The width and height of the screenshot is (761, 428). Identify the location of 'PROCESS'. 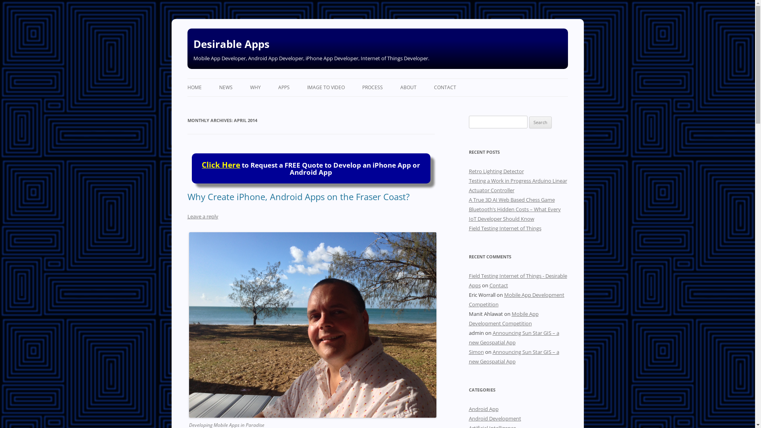
(372, 87).